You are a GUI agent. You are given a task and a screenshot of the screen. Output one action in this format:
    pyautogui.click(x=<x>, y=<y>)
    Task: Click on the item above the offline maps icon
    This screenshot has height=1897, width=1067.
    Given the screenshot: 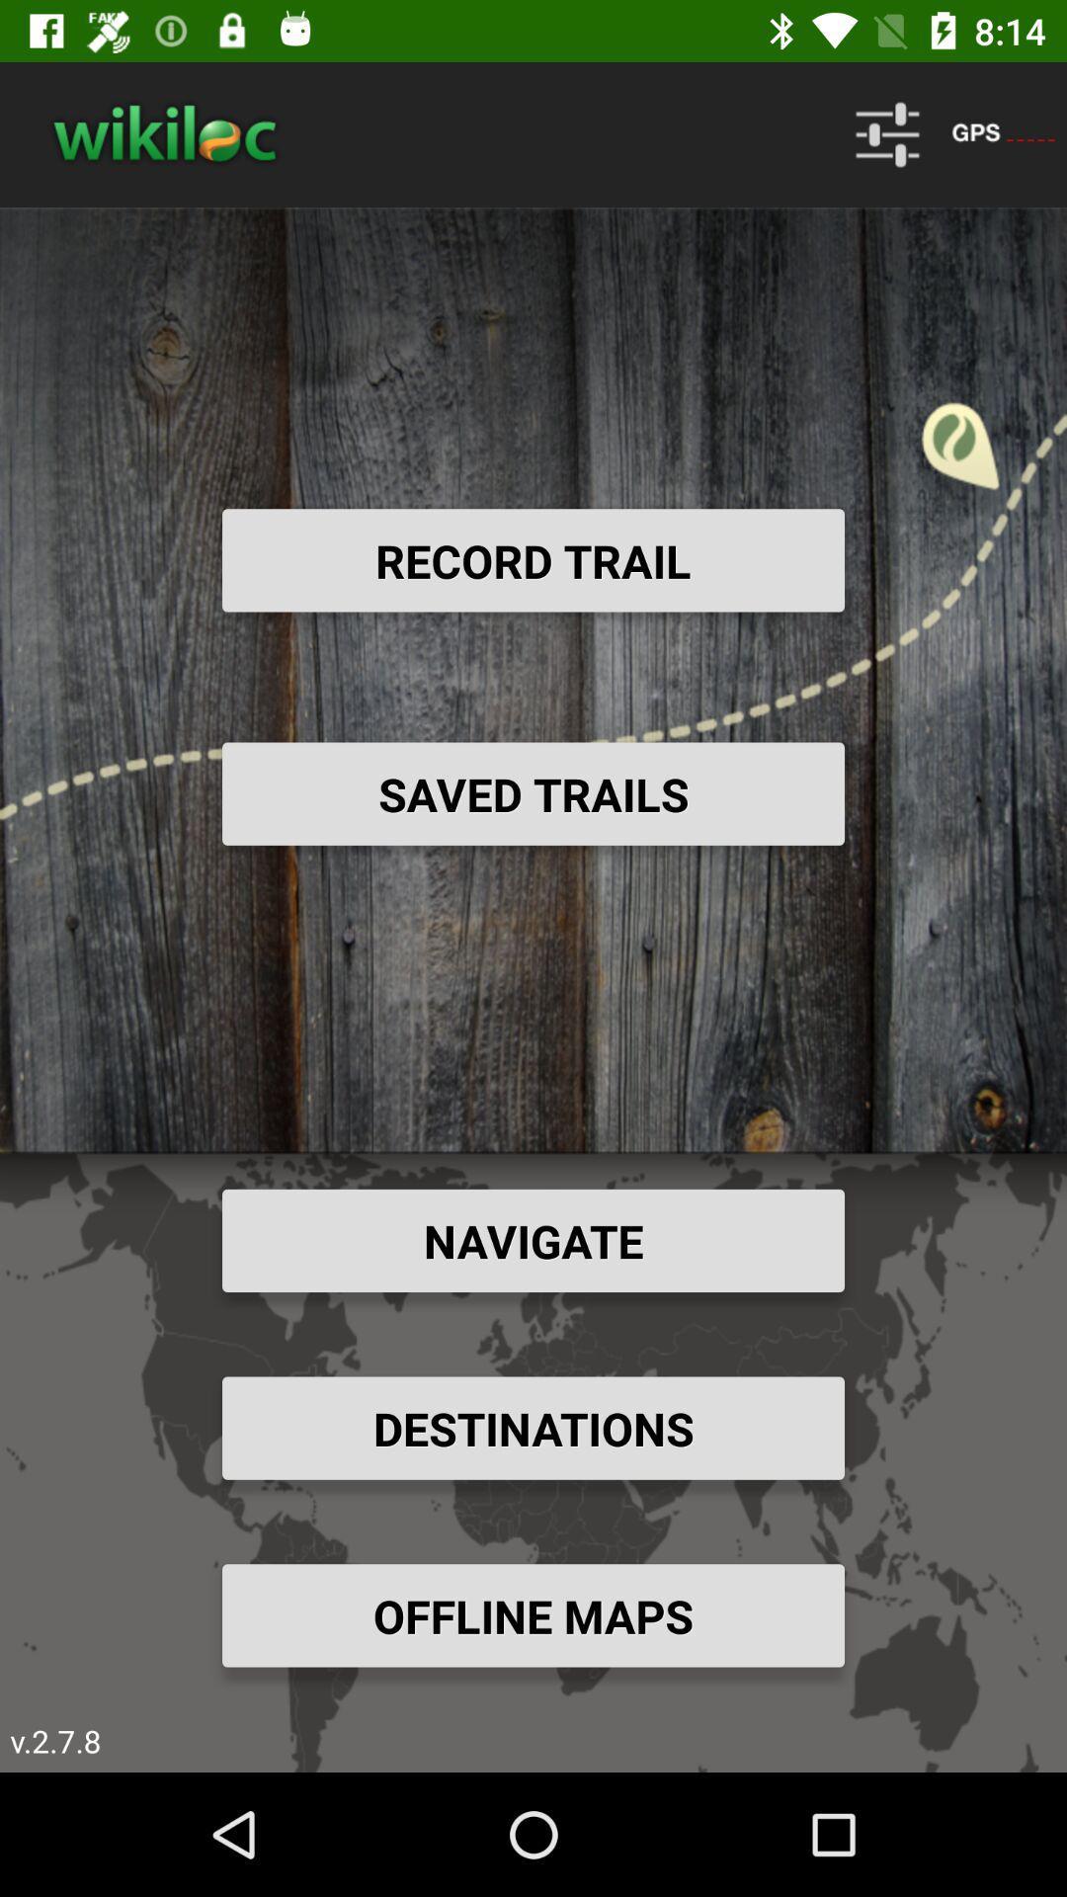 What is the action you would take?
    pyautogui.click(x=533, y=1428)
    